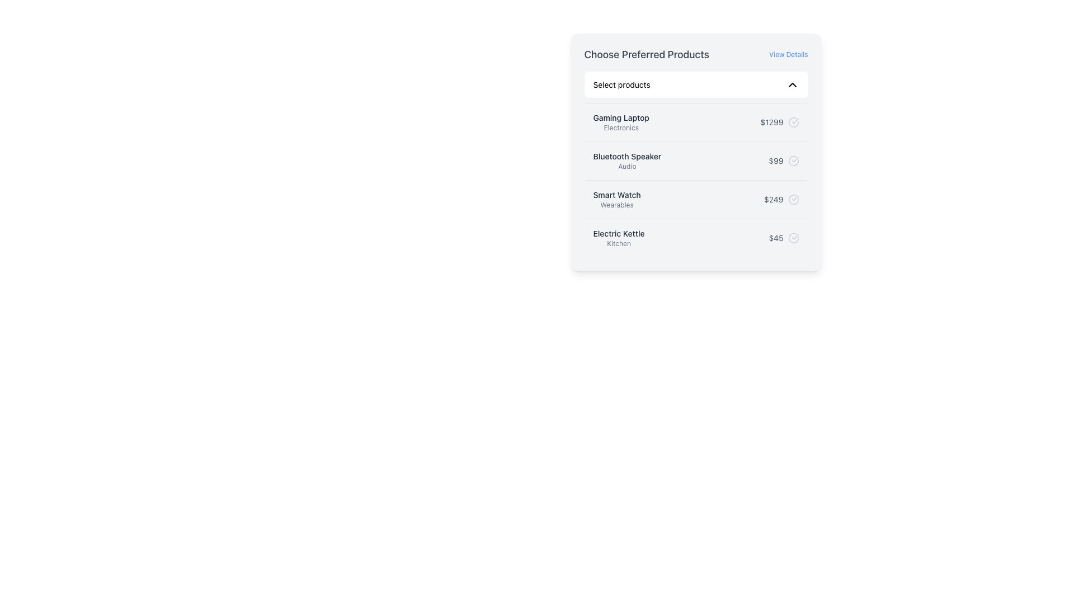  What do you see at coordinates (618, 237) in the screenshot?
I see `text displayed in the lower part of the card titled 'Choose Preferred Products' for the 'Electric Kettle' in the 'Kitchen' category, located above the price information of '$45'` at bounding box center [618, 237].